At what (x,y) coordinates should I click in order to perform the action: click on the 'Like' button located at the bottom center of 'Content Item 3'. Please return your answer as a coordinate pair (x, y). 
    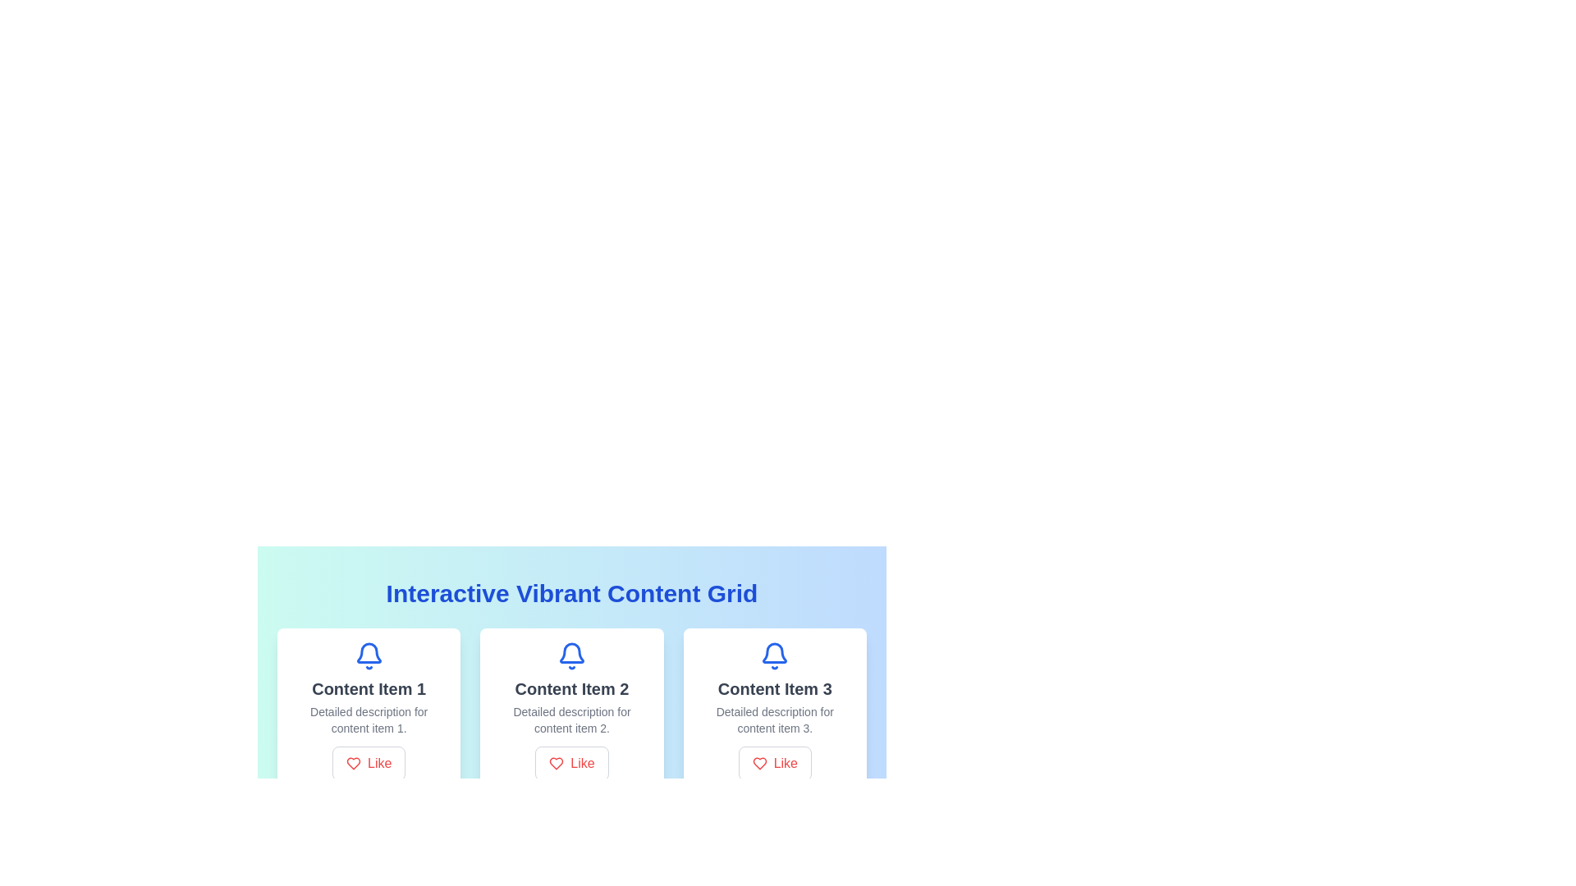
    Looking at the image, I should click on (774, 763).